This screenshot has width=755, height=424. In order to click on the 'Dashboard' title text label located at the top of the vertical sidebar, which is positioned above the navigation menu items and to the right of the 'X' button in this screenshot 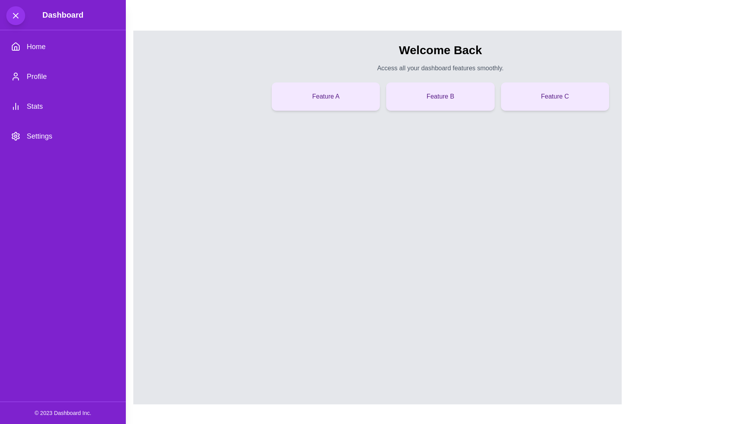, I will do `click(62, 15)`.